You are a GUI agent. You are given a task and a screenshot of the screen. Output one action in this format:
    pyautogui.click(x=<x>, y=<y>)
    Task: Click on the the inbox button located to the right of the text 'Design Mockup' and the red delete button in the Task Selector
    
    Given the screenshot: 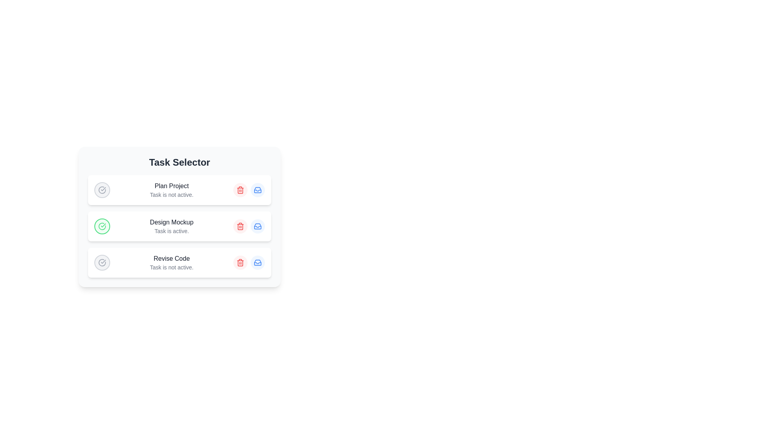 What is the action you would take?
    pyautogui.click(x=257, y=226)
    